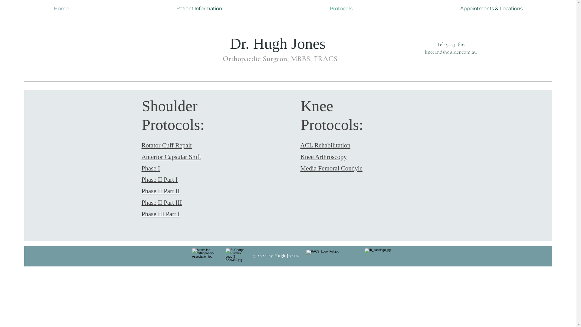 The height and width of the screenshot is (327, 581). What do you see at coordinates (491, 8) in the screenshot?
I see `'Appointments & Locations'` at bounding box center [491, 8].